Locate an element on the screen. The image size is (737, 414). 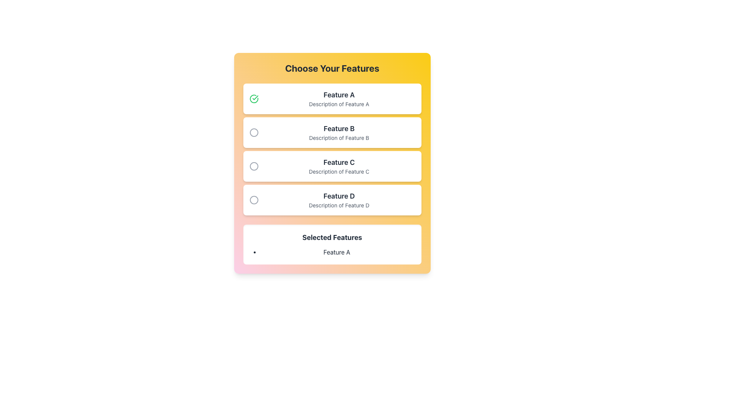
the green circular checkmark icon with a bold green outline located in the first option card labeled 'Feature A' is located at coordinates (254, 99).